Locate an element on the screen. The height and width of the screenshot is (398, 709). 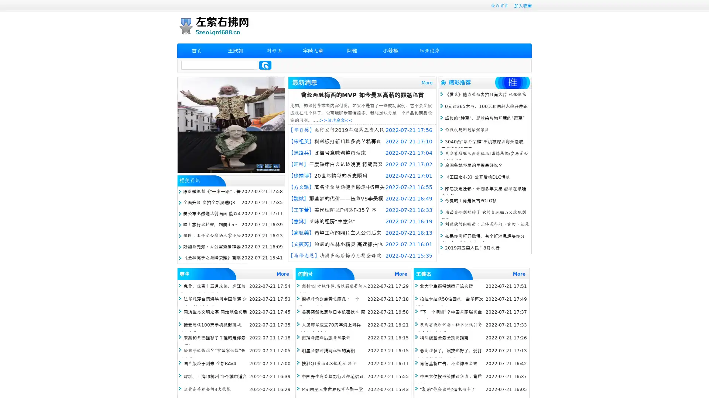
Search is located at coordinates (265, 65).